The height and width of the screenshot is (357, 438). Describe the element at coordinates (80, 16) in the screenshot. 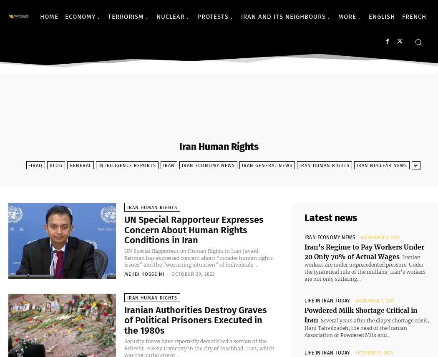

I see `'Economy'` at that location.